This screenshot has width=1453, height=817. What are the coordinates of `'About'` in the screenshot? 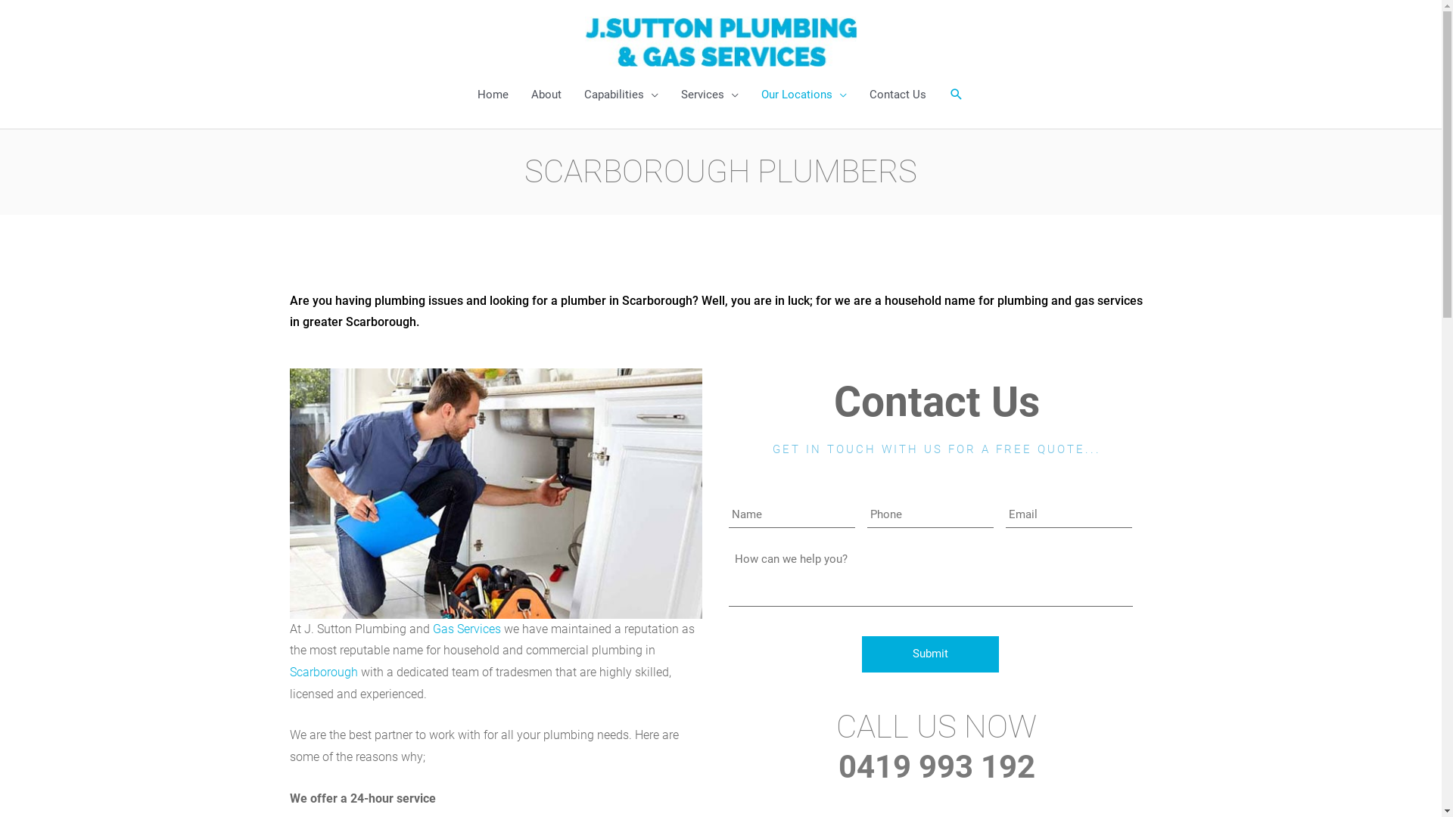 It's located at (545, 94).